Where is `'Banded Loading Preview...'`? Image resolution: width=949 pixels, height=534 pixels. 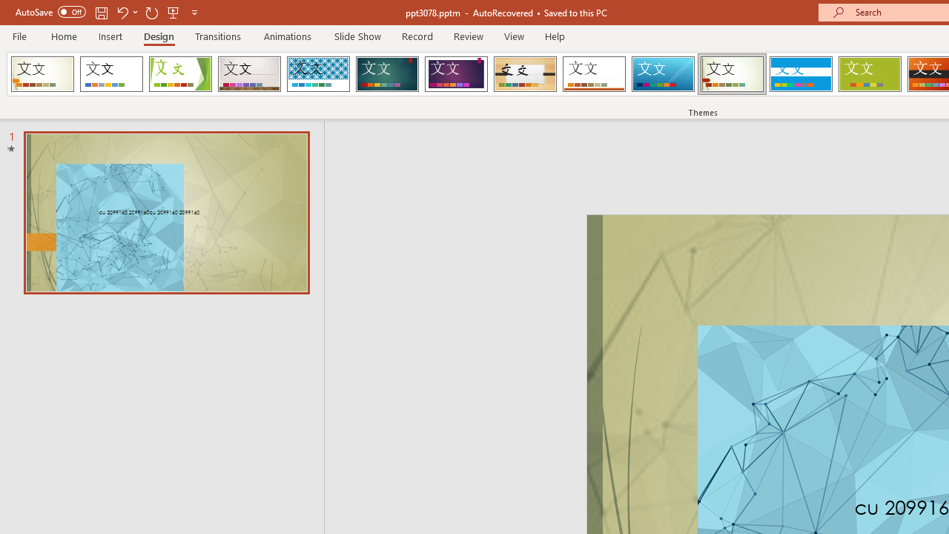
'Banded Loading Preview...' is located at coordinates (800, 74).